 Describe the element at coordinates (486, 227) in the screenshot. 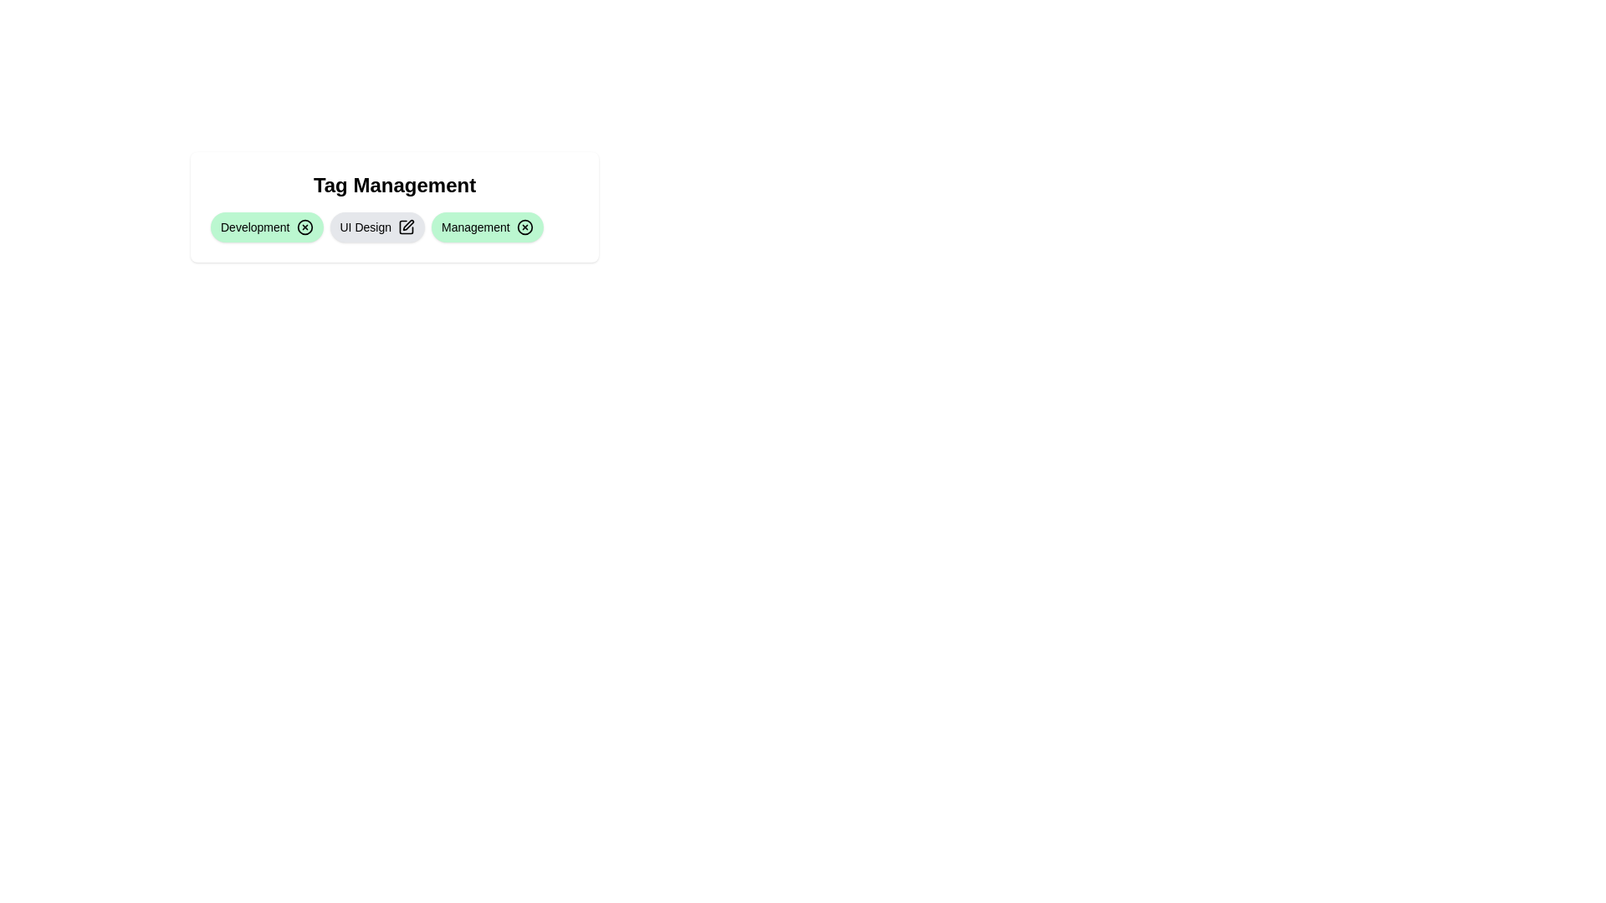

I see `the tag labeled Management` at that location.